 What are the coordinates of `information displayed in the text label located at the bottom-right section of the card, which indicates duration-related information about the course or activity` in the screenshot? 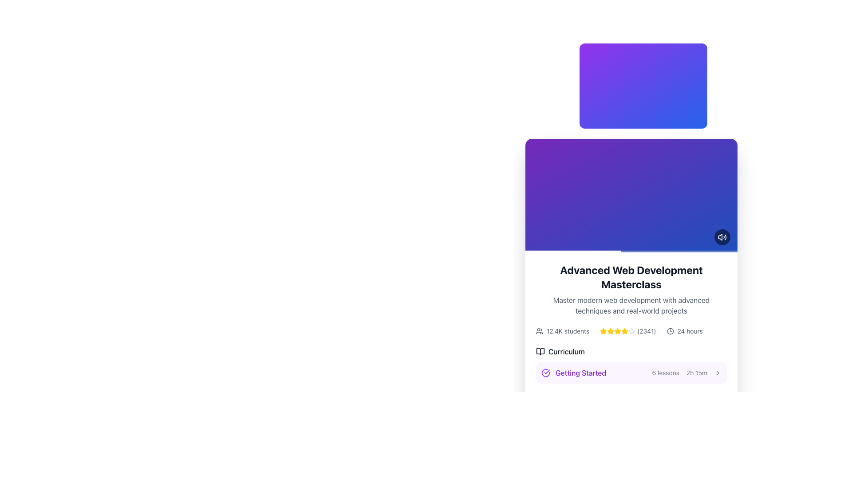 It's located at (690, 331).